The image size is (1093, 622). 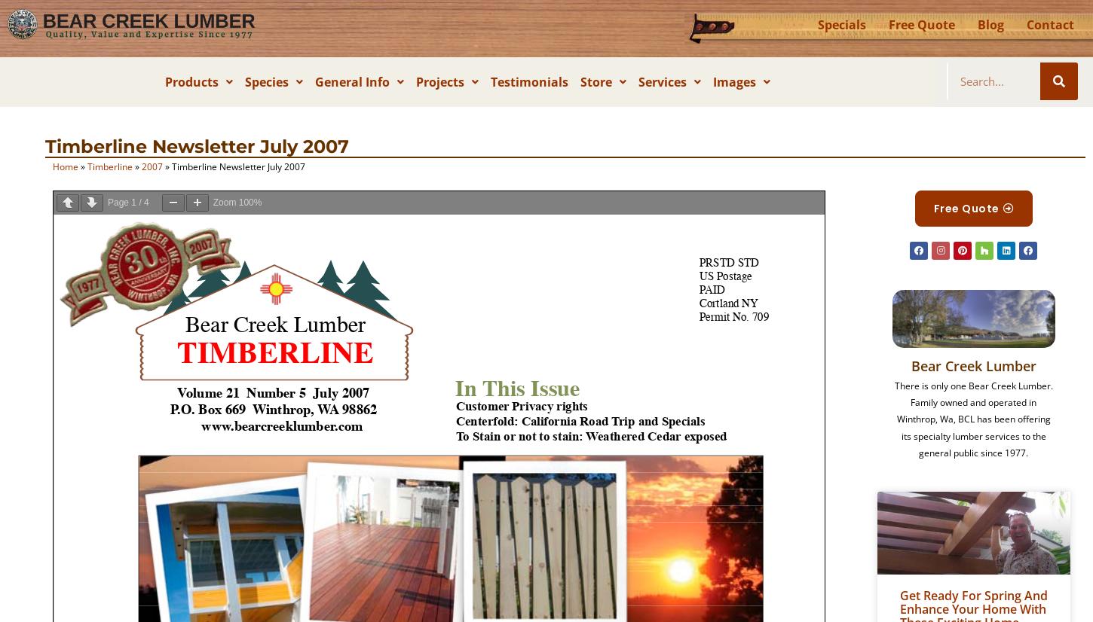 I want to click on '100%', so click(x=250, y=201).